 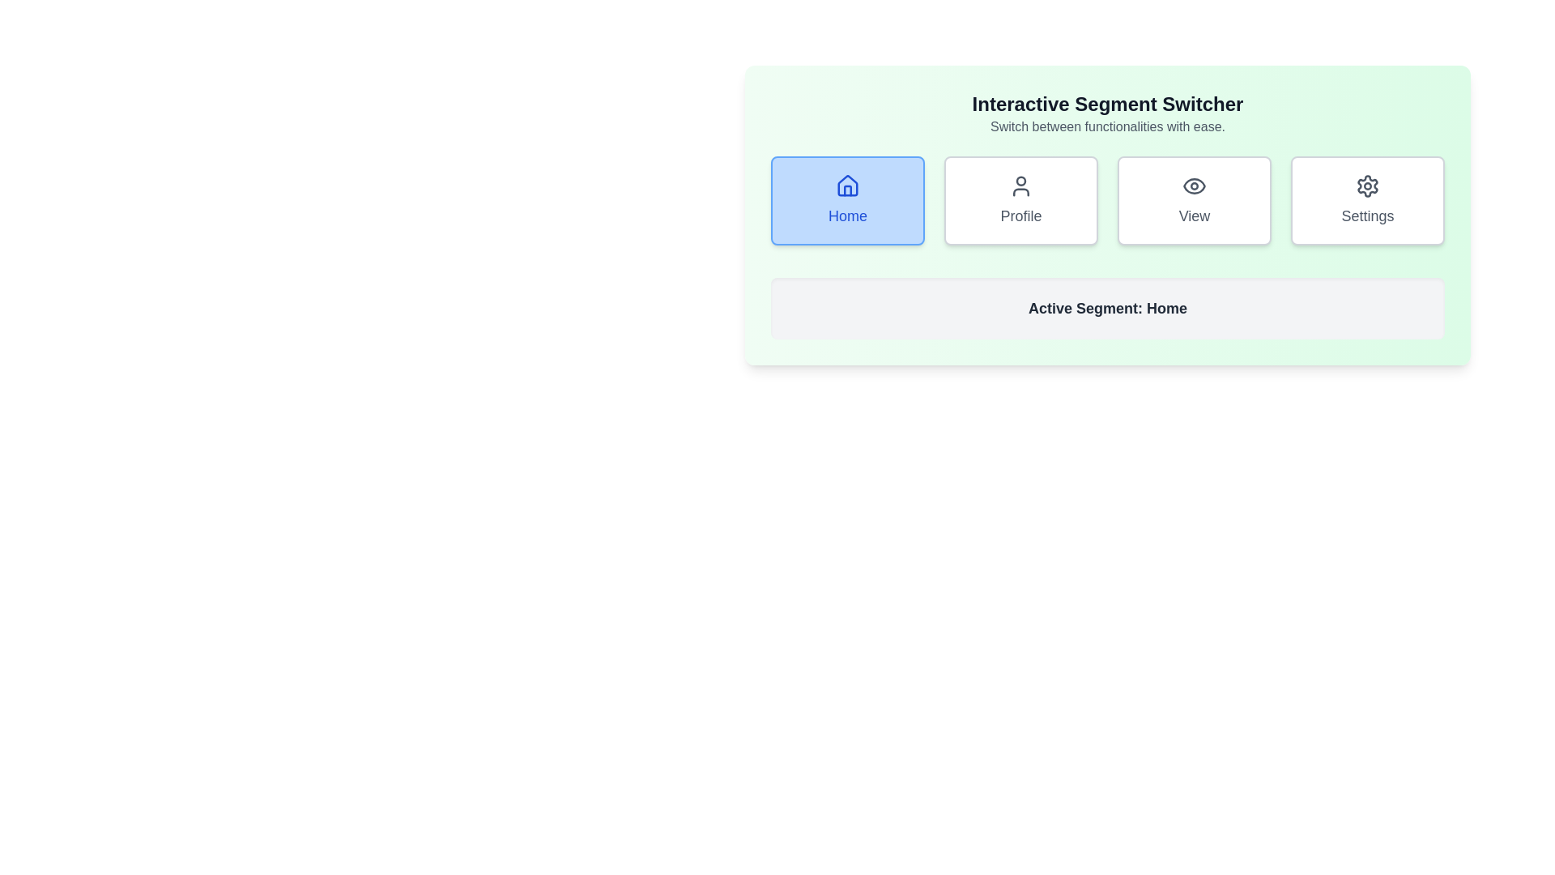 I want to click on the 'Home' button, so click(x=846, y=199).